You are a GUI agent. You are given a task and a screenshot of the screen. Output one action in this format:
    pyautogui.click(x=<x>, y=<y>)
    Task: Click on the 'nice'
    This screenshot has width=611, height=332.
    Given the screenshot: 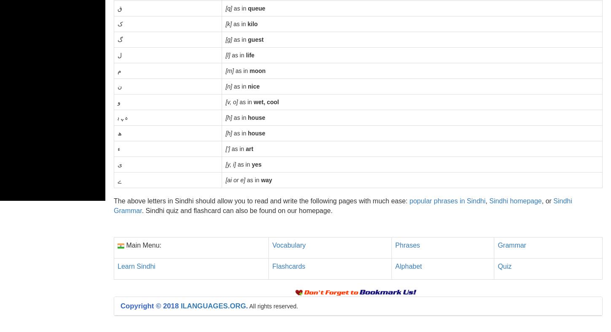 What is the action you would take?
    pyautogui.click(x=247, y=86)
    